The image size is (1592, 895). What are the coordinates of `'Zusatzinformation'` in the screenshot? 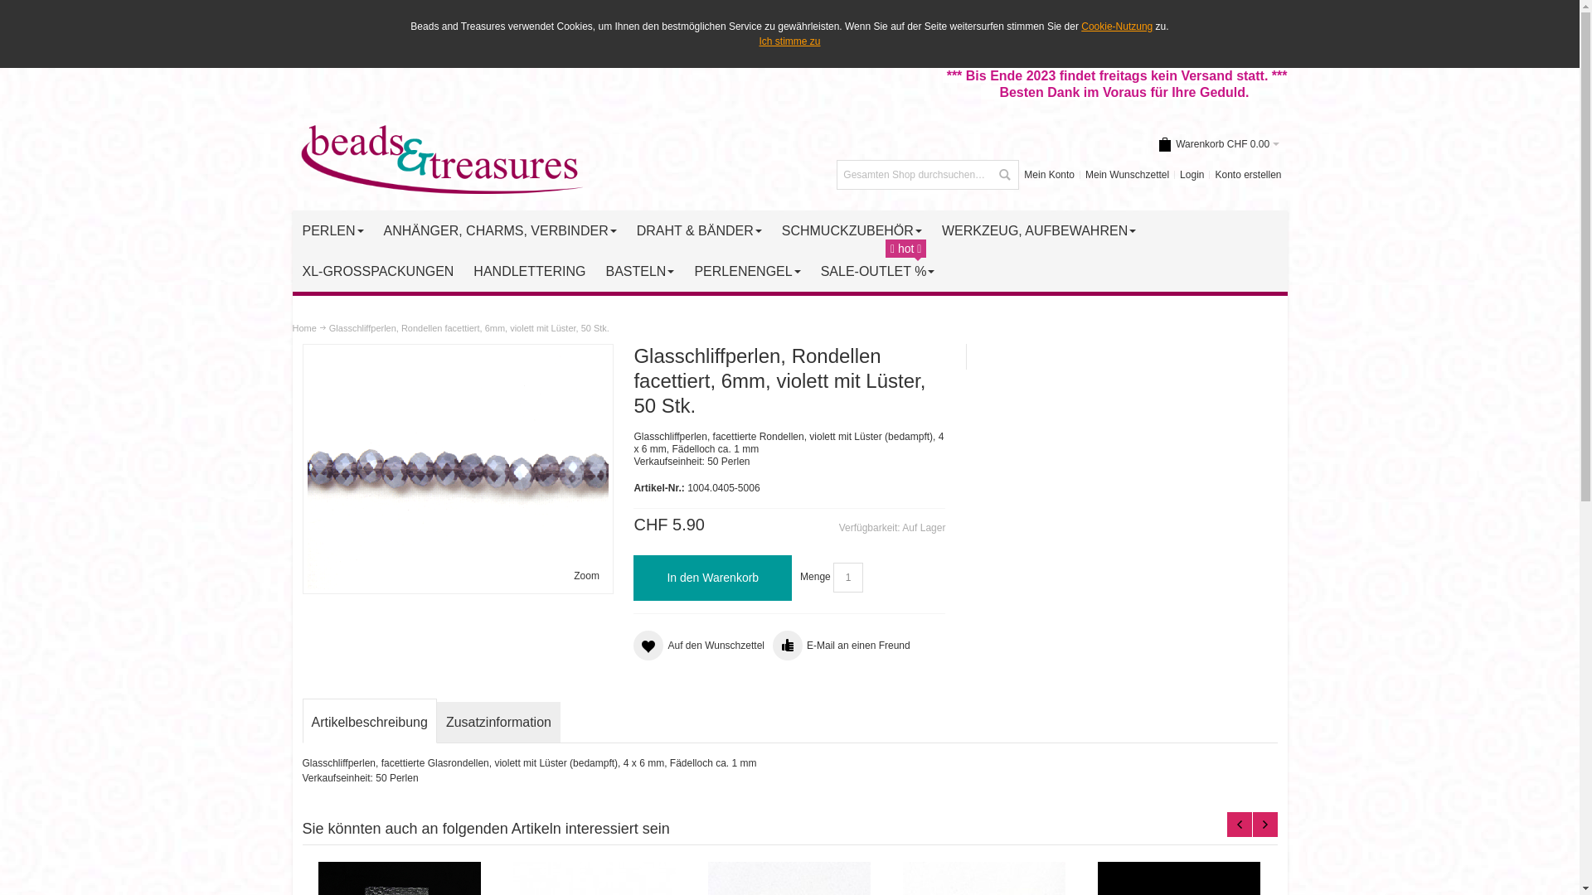 It's located at (498, 721).